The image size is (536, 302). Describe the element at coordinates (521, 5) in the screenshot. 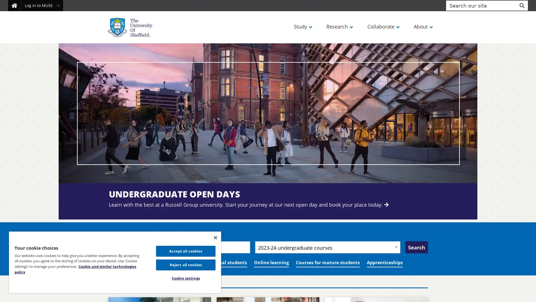

I see `Site search` at that location.